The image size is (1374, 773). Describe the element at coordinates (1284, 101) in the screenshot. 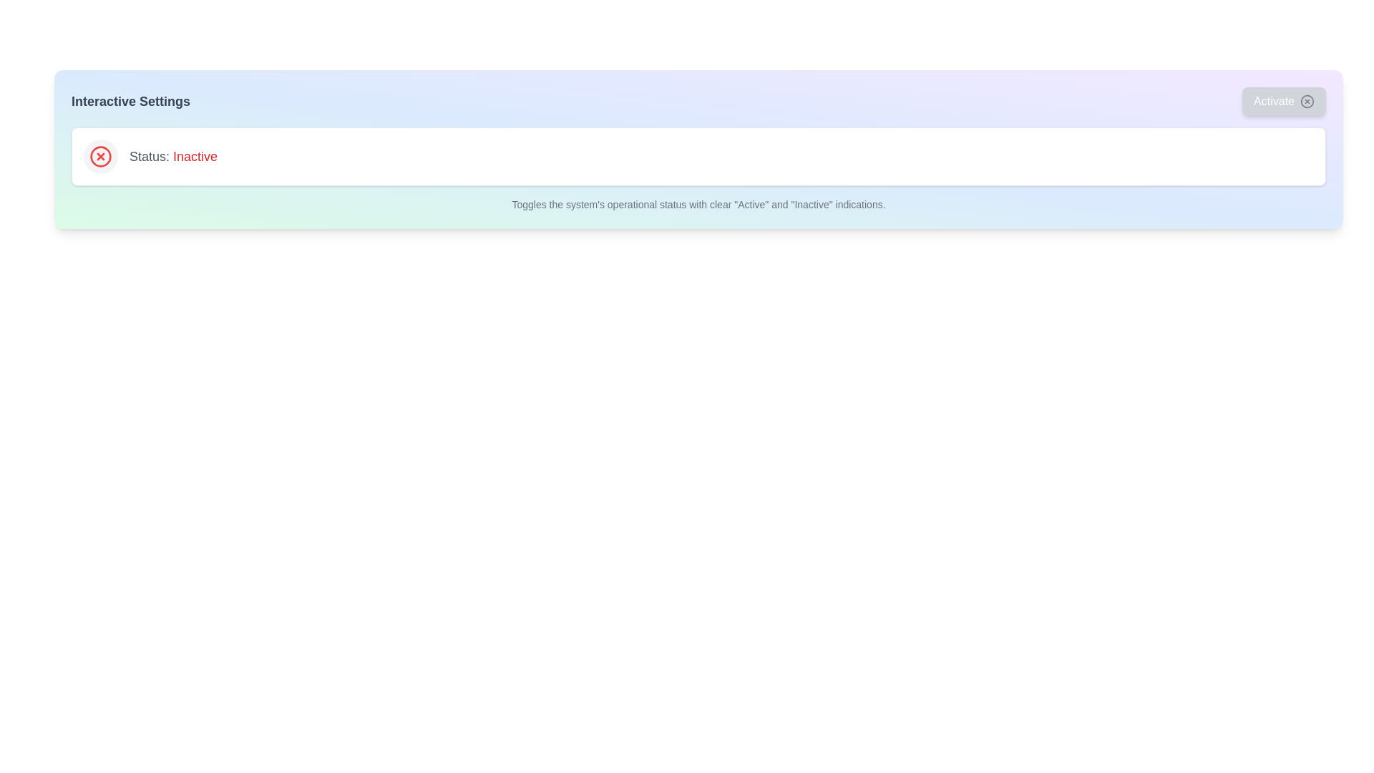

I see `the 'Activate' button located in the top-right corner of the 'Interactive Settings' section` at that location.